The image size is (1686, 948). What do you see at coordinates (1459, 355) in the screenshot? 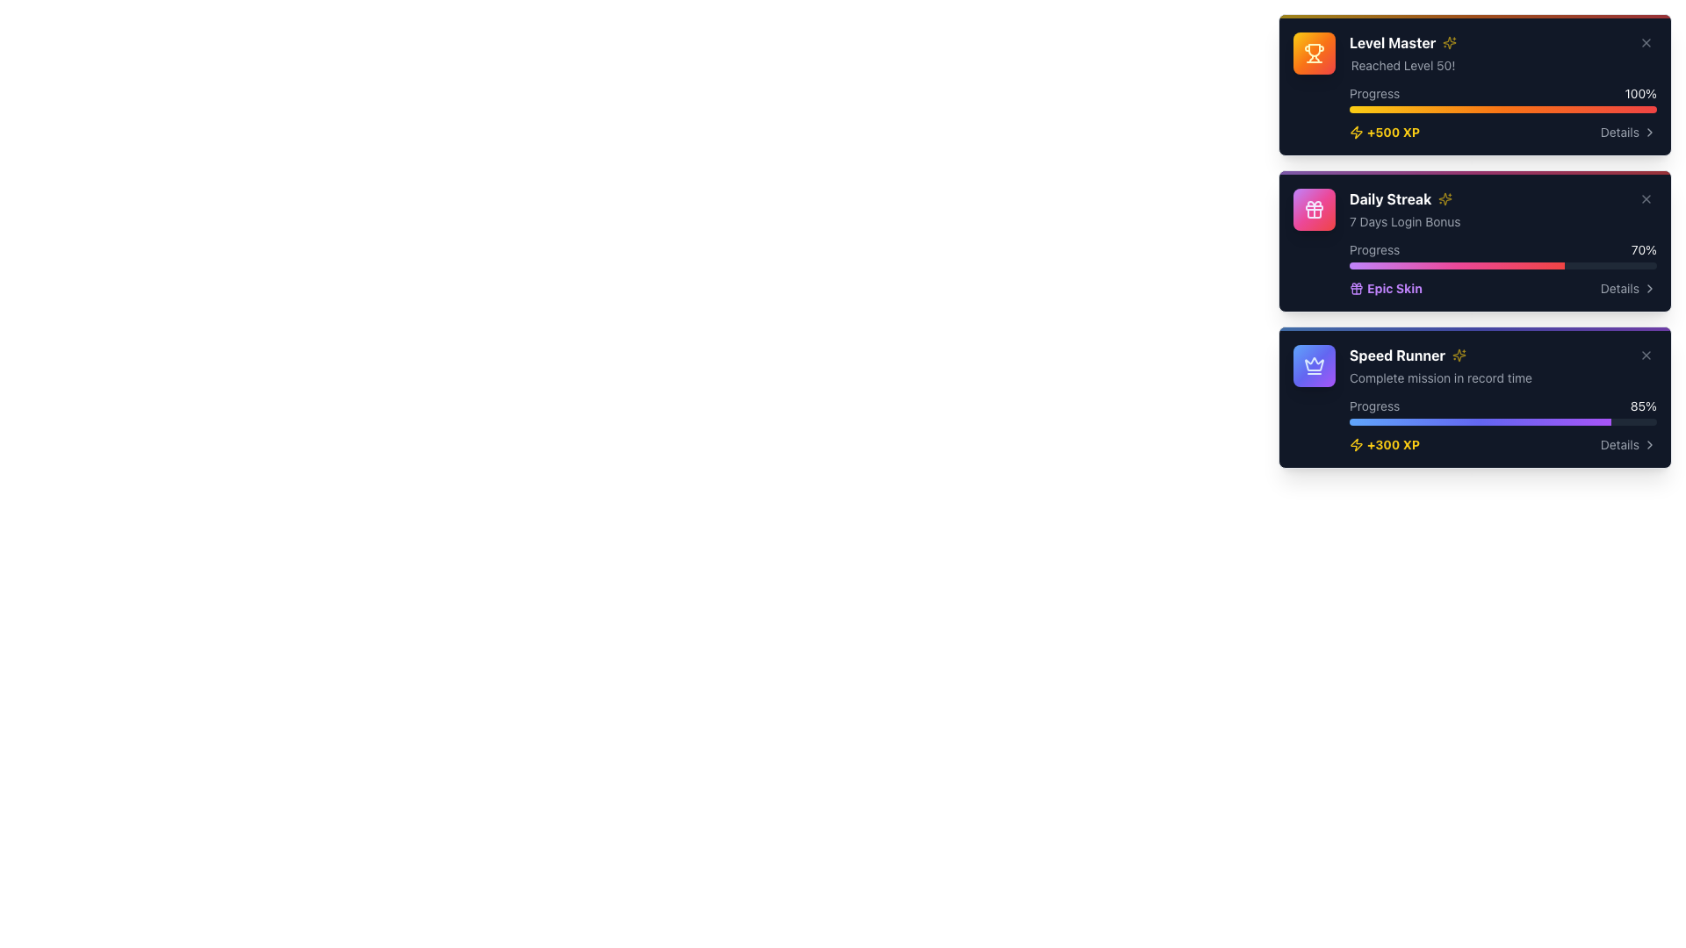
I see `the ornamental SVG Icon that enhances the 'Speed Runner' achievement card, positioned to the right of the text label within the third achievement card` at bounding box center [1459, 355].